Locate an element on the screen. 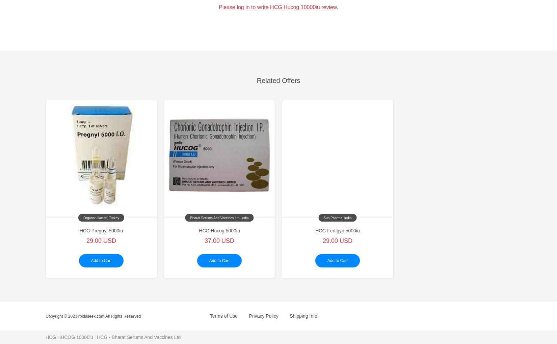  'Related Offers' is located at coordinates (256, 80).